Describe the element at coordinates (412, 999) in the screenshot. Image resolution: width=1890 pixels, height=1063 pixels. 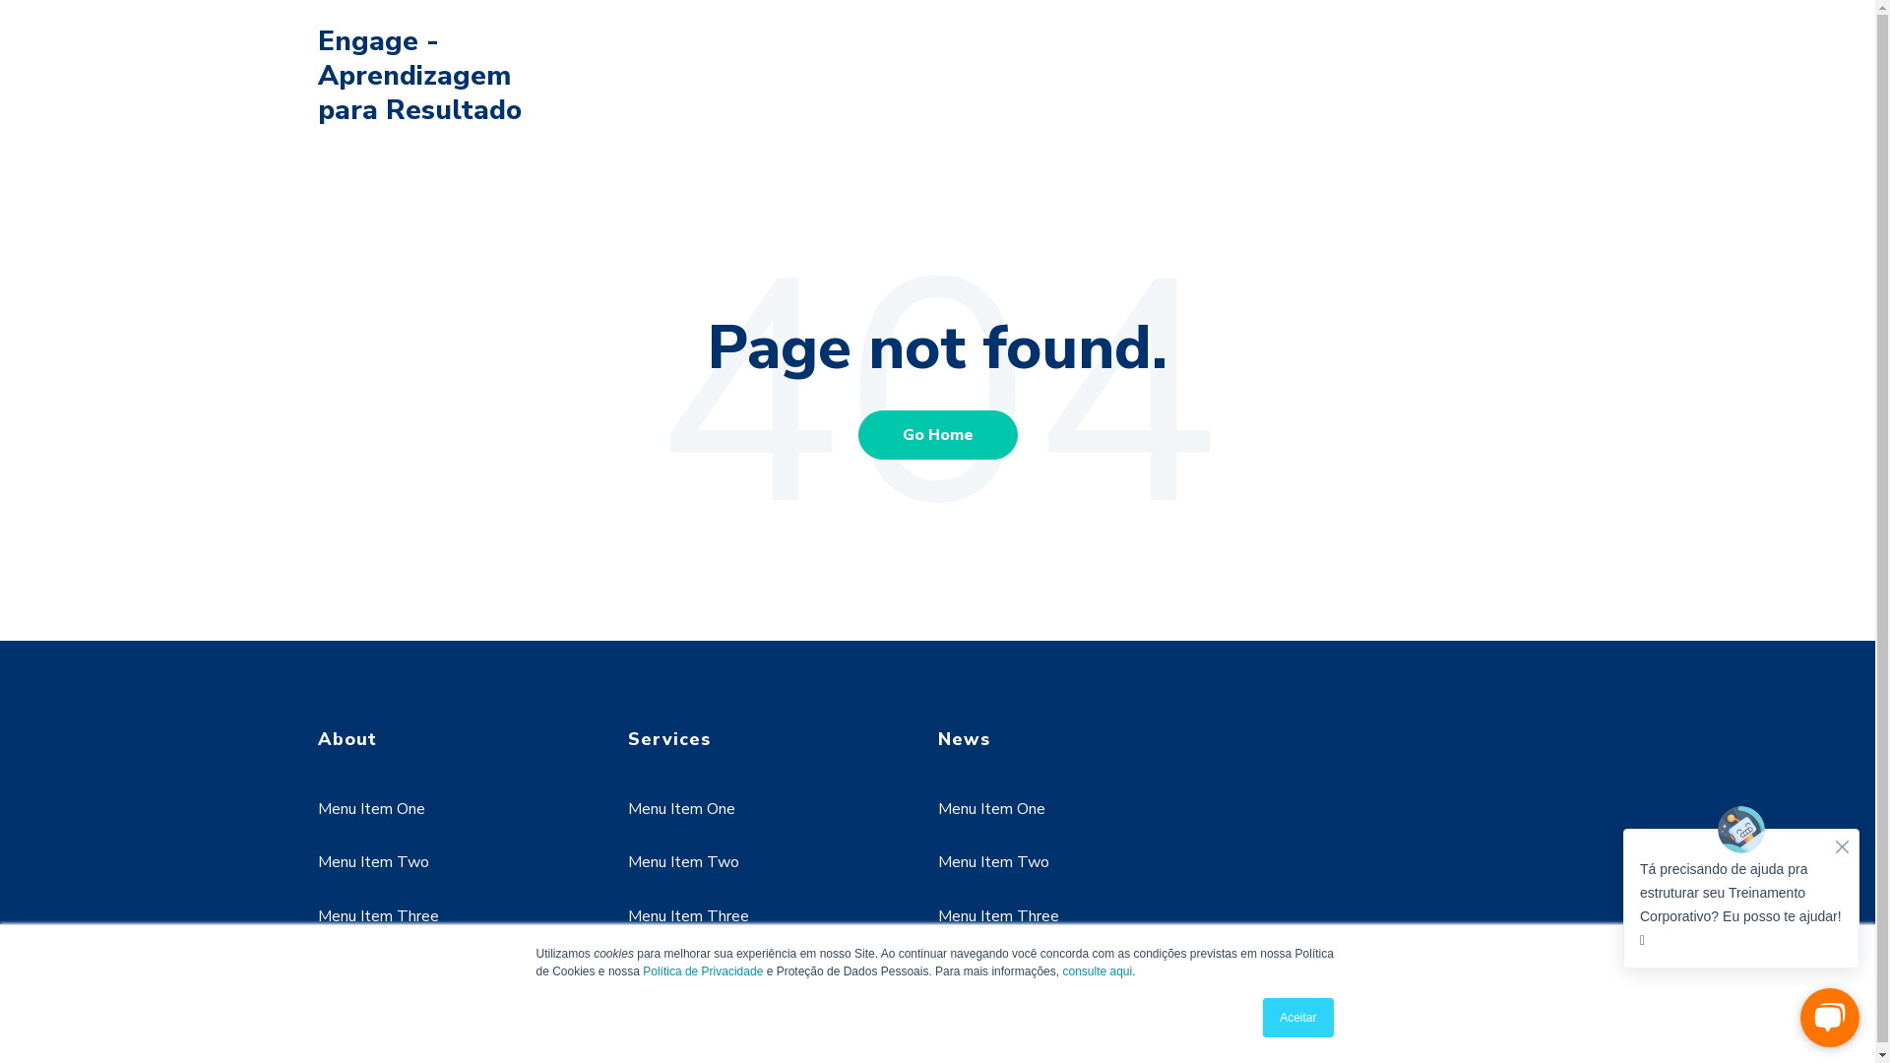
I see `'Follow us on Twitter'` at that location.